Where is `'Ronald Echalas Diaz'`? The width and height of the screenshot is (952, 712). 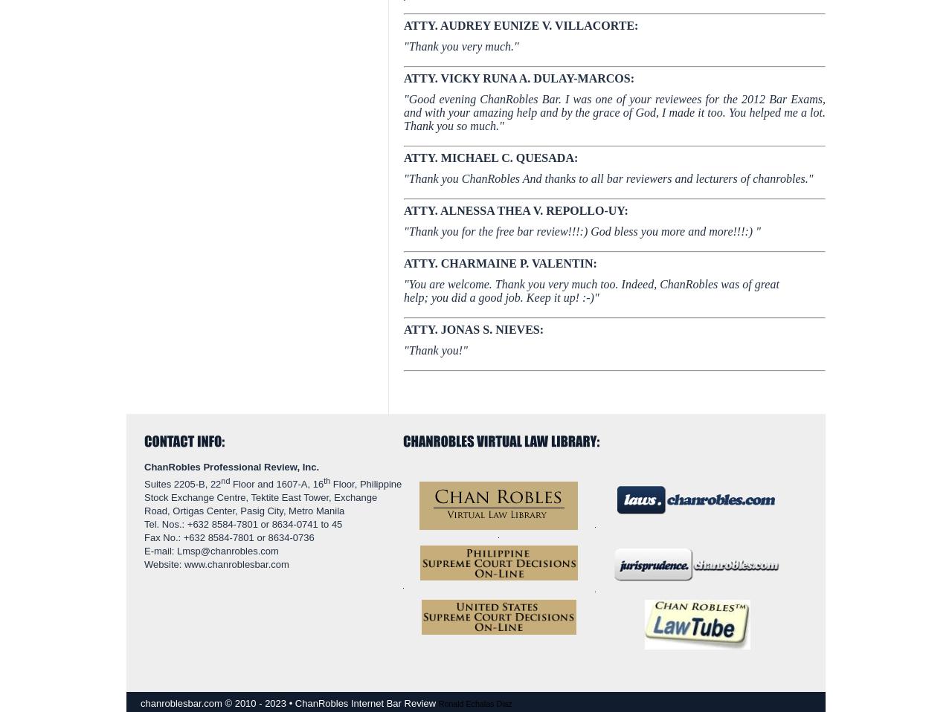
'Ronald Echalas Diaz' is located at coordinates (474, 703).